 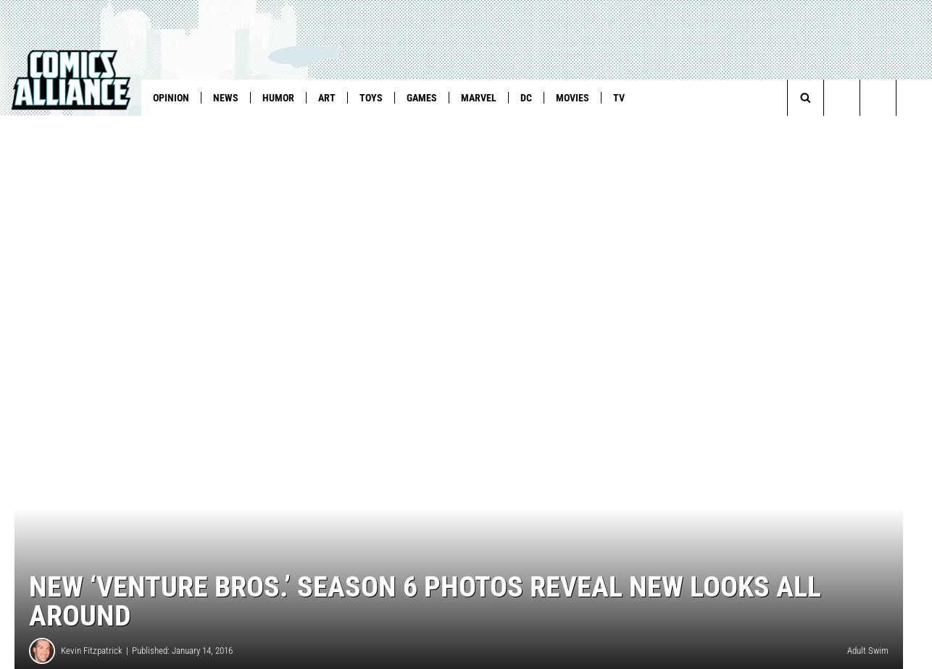 I want to click on 'New ‘Venture Bros.’ Season 6 Photos Reveal New Looks All Around', so click(x=424, y=624).